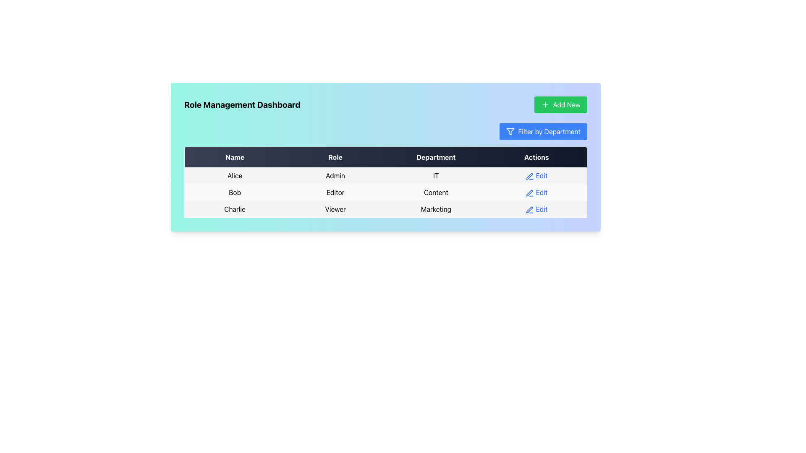  Describe the element at coordinates (545, 104) in the screenshot. I see `the '+' icon located within the green 'Add New' button` at that location.